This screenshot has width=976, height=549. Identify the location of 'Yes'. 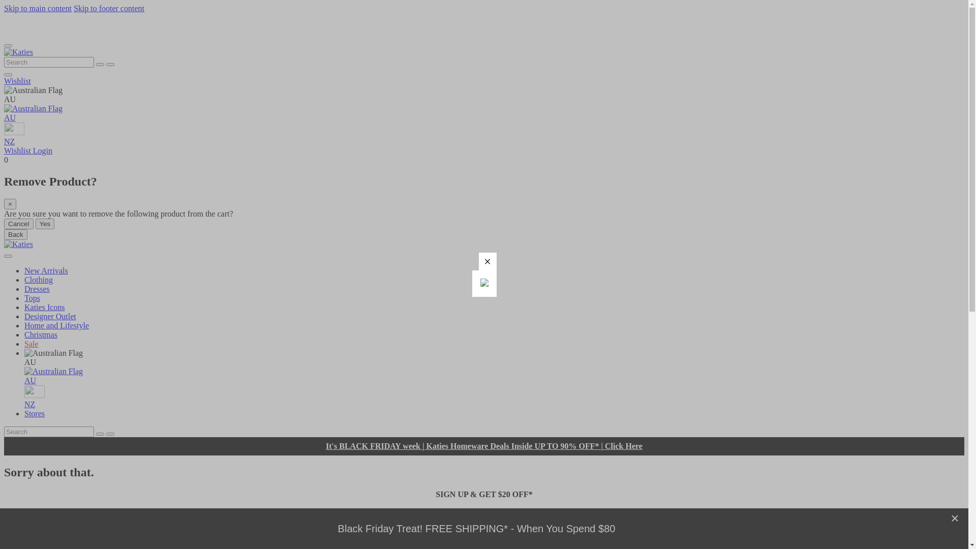
(36, 223).